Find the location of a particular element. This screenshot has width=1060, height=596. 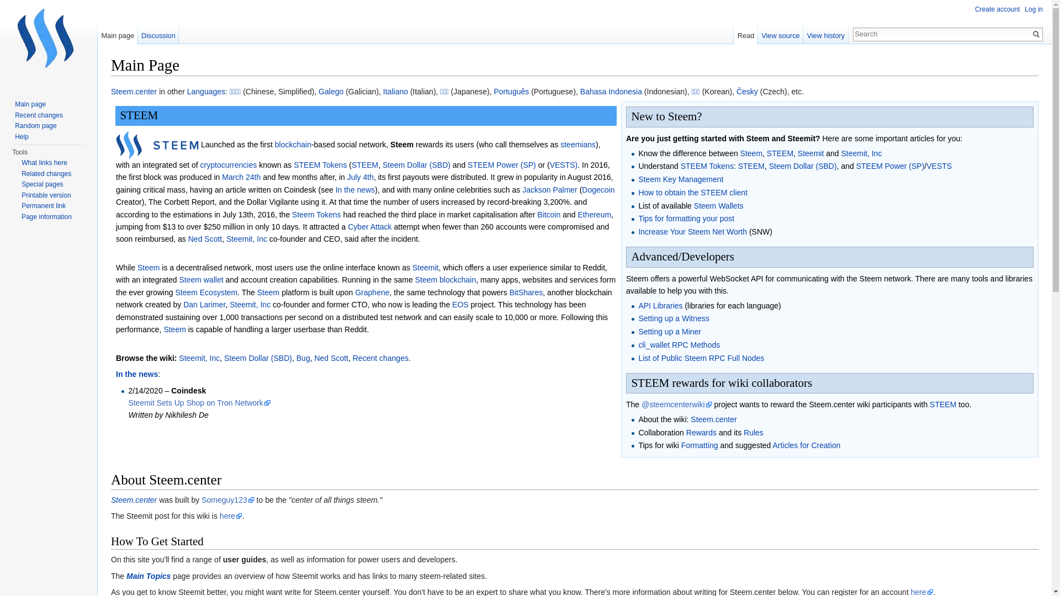

'Special pages' is located at coordinates (42, 184).